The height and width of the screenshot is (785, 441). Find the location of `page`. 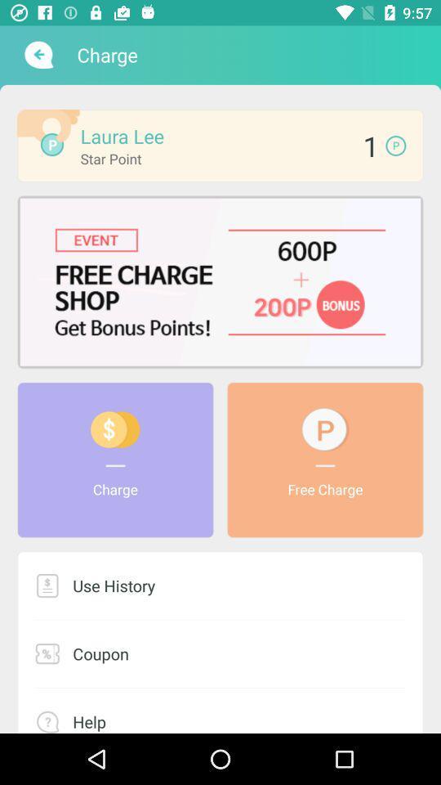

page is located at coordinates (220, 282).